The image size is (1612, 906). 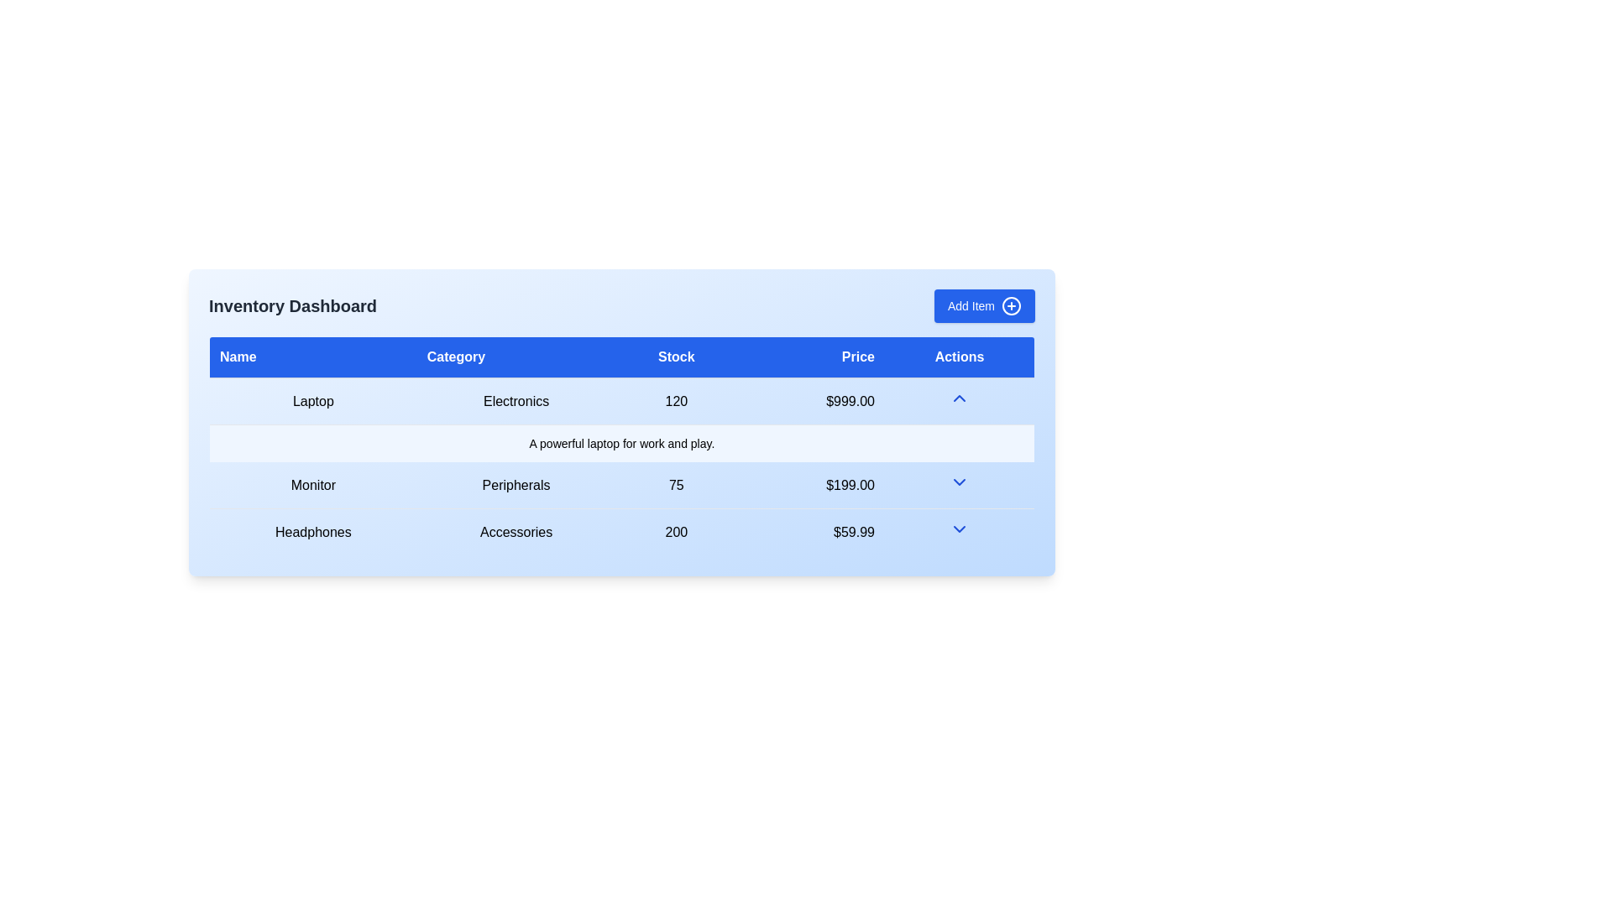 What do you see at coordinates (516, 532) in the screenshot?
I see `the Text label in the third row of the table under the 'Category' column, which indicates the type 'Headphones'` at bounding box center [516, 532].